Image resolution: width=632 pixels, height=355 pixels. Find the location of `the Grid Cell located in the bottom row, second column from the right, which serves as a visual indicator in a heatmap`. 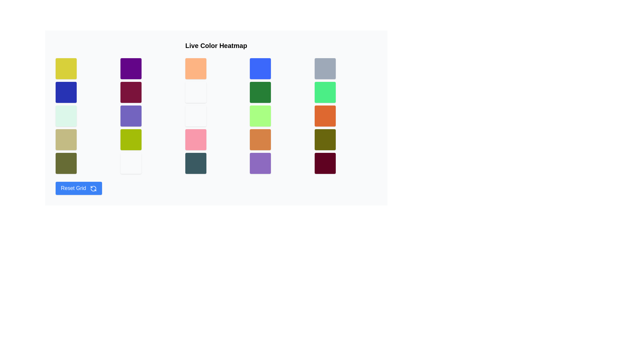

the Grid Cell located in the bottom row, second column from the right, which serves as a visual indicator in a heatmap is located at coordinates (260, 163).